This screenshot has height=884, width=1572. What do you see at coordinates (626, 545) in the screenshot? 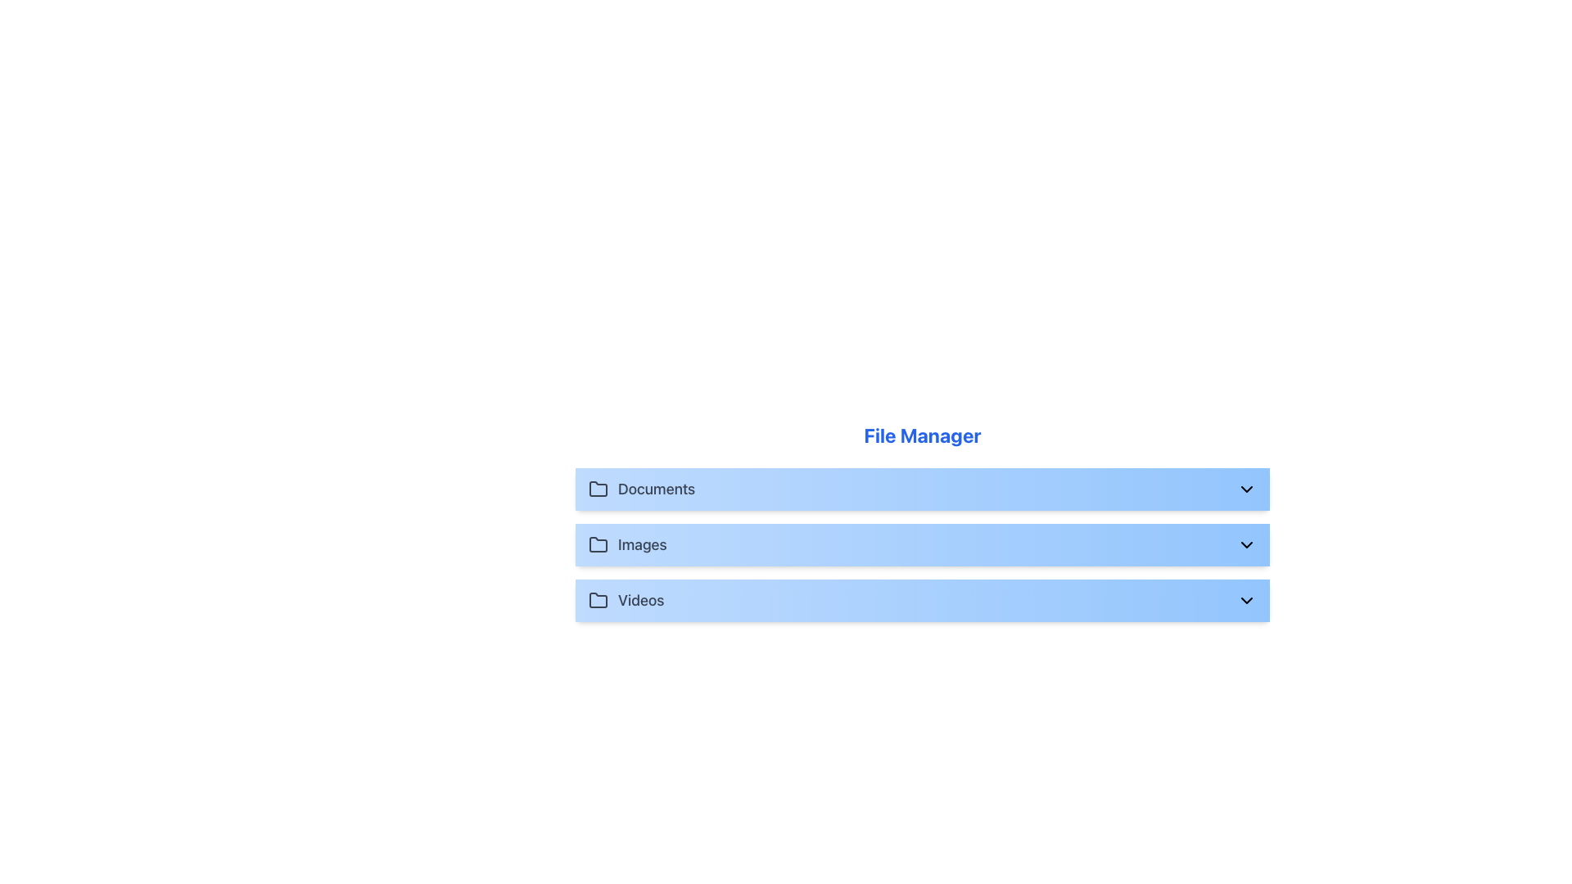
I see `the 'Images' category text label with an associated folder icon in the File Manager section` at bounding box center [626, 545].